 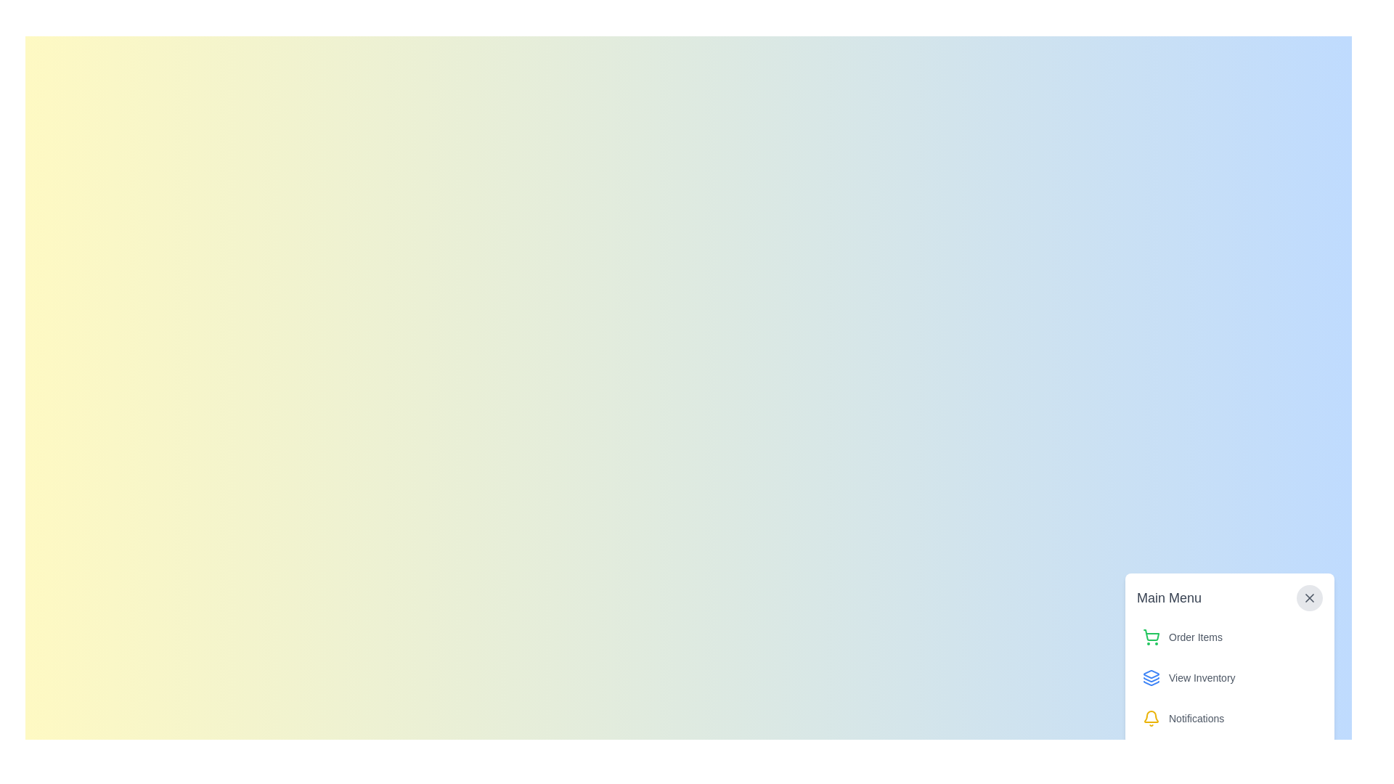 What do you see at coordinates (1202, 677) in the screenshot?
I see `the 'View Inventory' text label located within the clickable area of the navigation menu` at bounding box center [1202, 677].